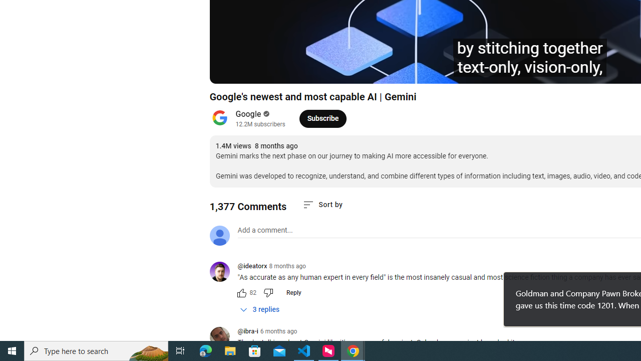  I want to click on '8 months ago', so click(287, 266).